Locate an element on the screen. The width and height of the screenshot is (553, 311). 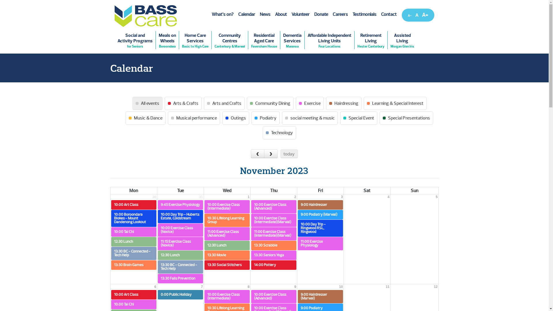
'10:00 Exercise Class (Intermediate) is located at coordinates (227, 206).